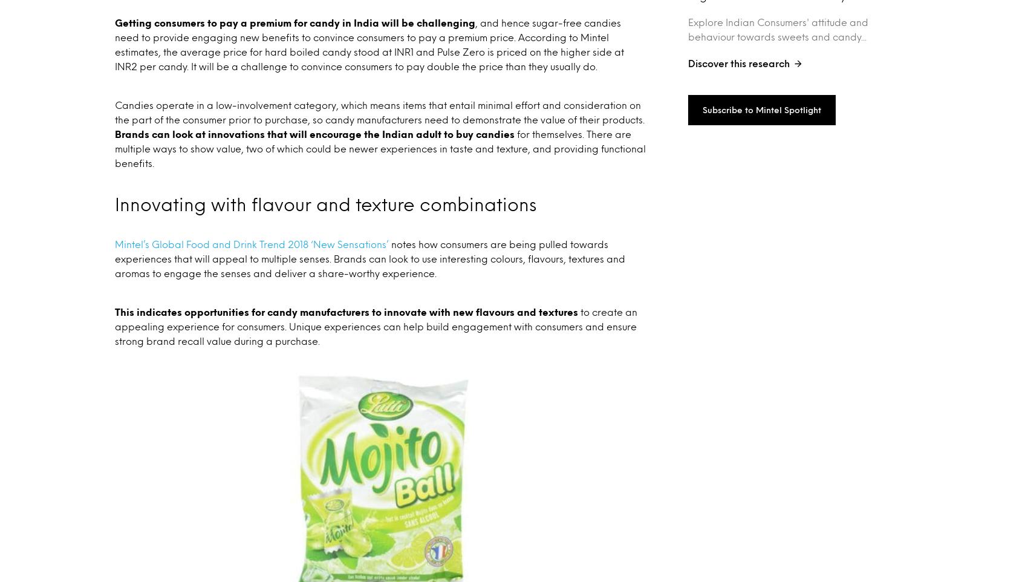 The image size is (1028, 582). Describe the element at coordinates (803, 58) in the screenshot. I see `'Learn how financial services brands are changing their messaging and product strategies to prioritize consumer-centric value, seamless experiences, and the preferences of younger generations.'` at that location.